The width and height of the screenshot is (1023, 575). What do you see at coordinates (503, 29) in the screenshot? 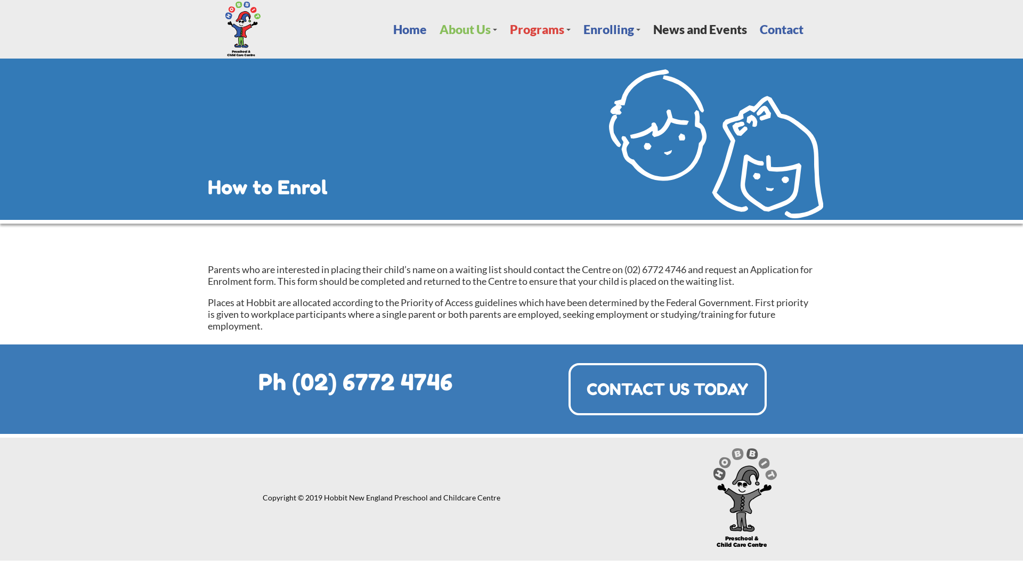
I see `'+` at bounding box center [503, 29].